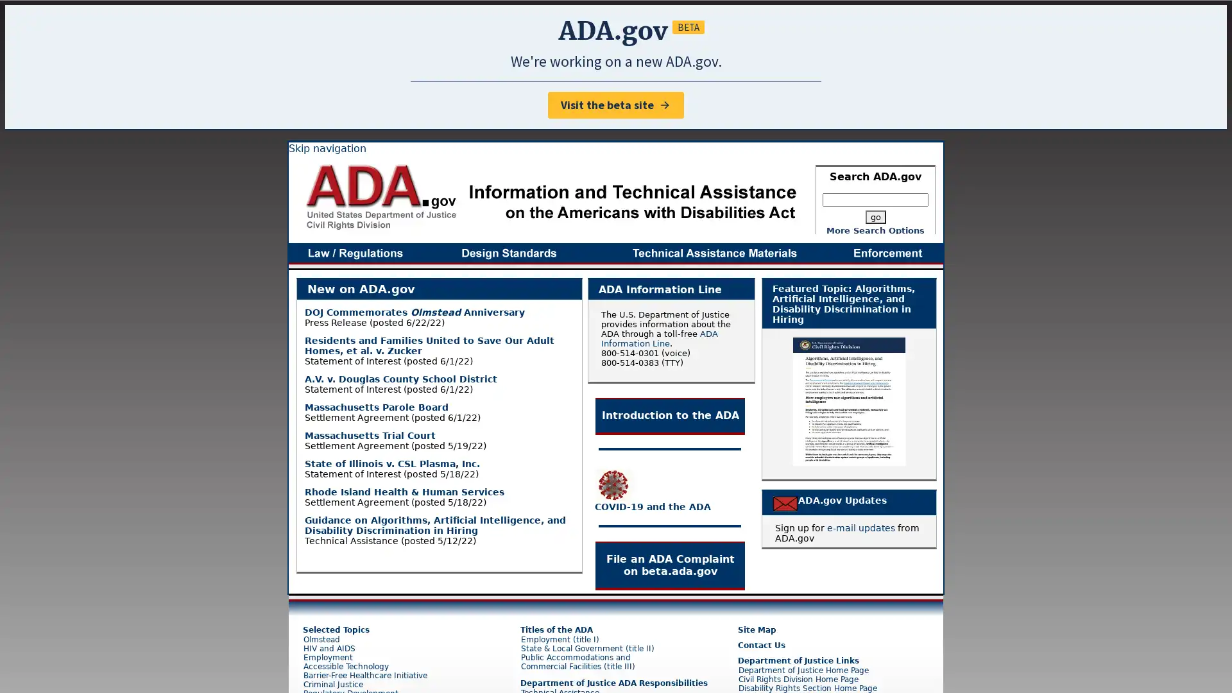  I want to click on go, so click(874, 216).